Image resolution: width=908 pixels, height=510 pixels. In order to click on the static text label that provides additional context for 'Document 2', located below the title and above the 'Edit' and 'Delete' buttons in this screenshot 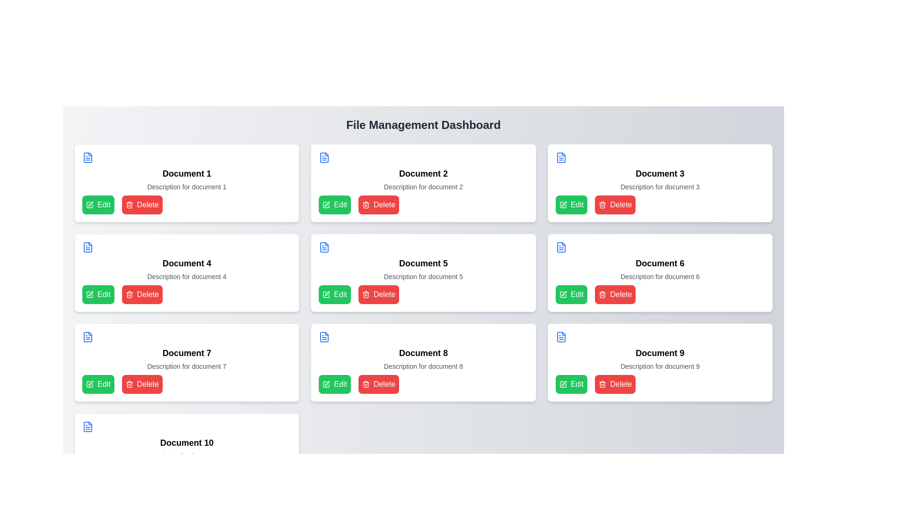, I will do `click(423, 187)`.